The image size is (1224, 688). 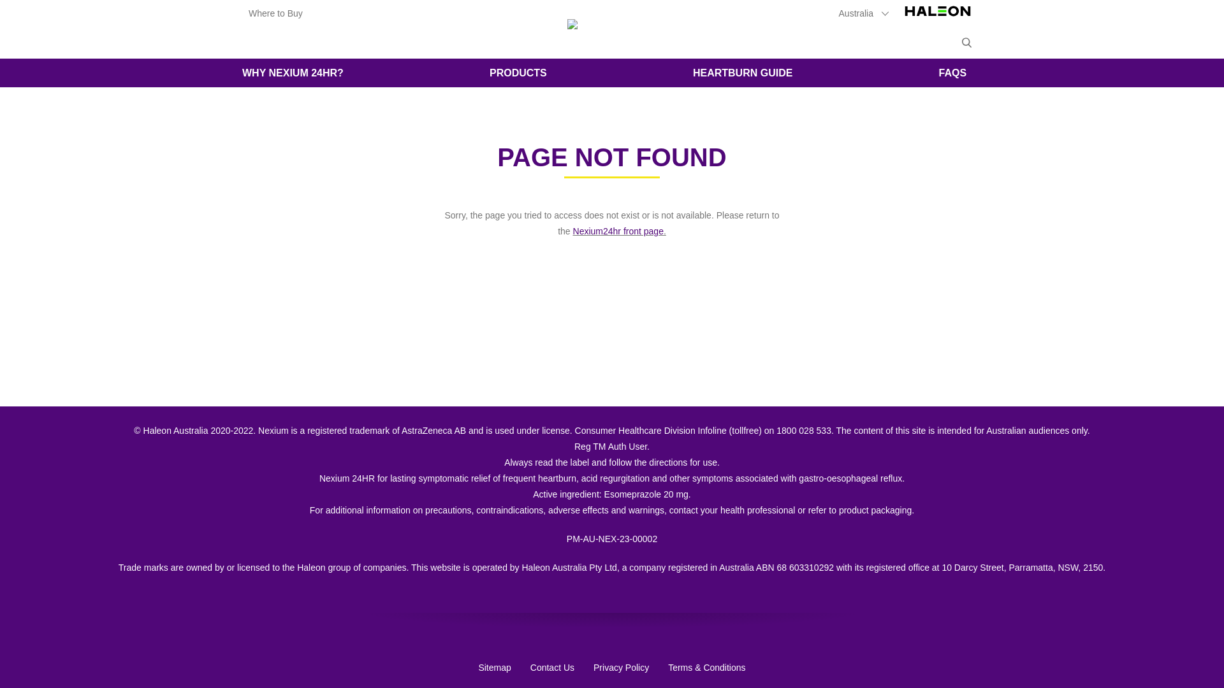 I want to click on 'Sitemap', so click(x=493, y=667).